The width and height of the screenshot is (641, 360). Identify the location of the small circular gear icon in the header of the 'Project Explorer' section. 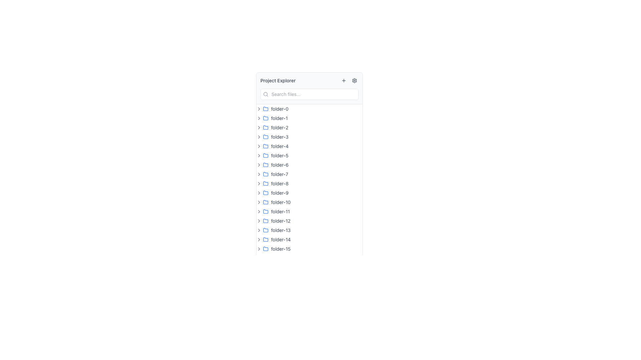
(354, 80).